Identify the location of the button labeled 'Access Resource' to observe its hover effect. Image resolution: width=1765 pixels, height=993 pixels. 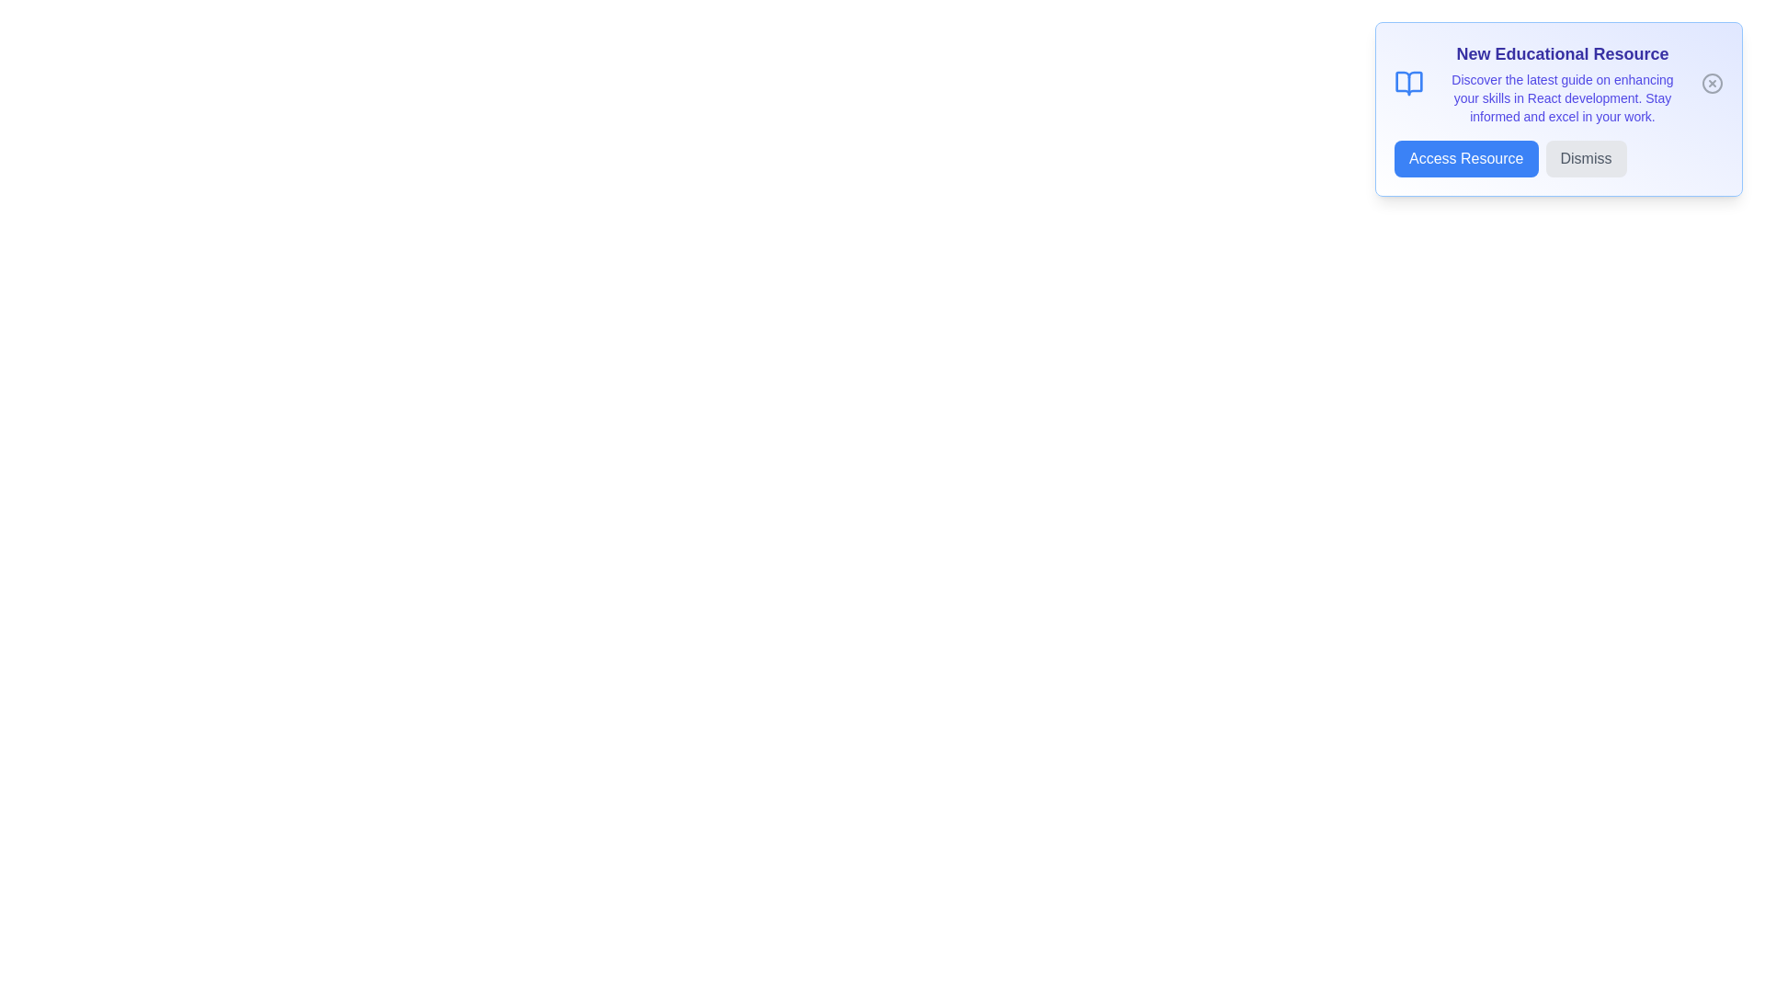
(1464, 158).